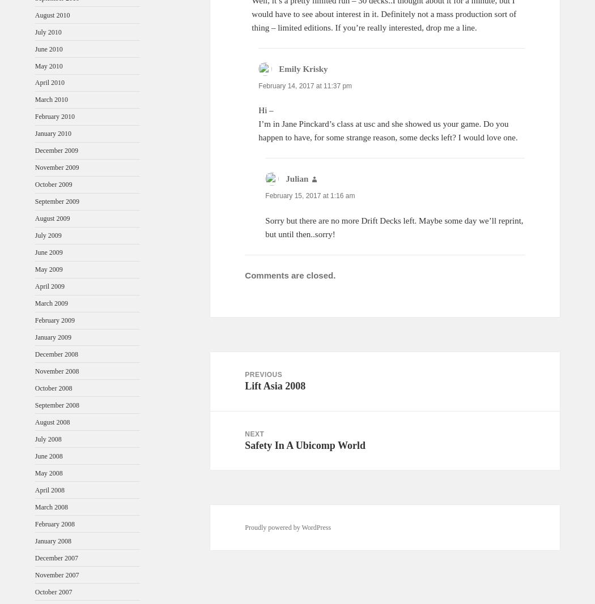  I want to click on 'August 2010', so click(52, 14).